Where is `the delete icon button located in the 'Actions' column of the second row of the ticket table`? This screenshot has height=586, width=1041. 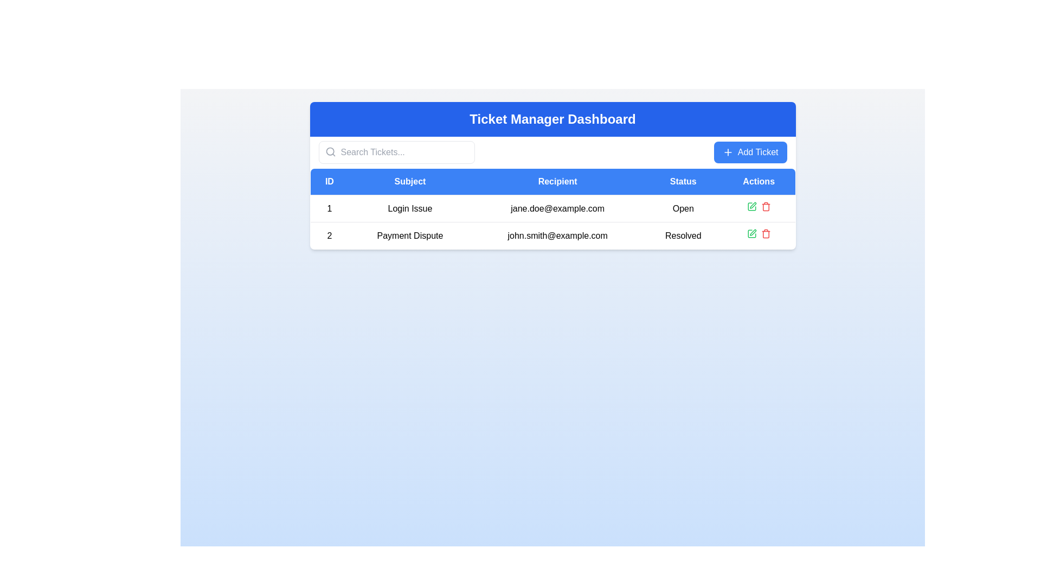 the delete icon button located in the 'Actions' column of the second row of the ticket table is located at coordinates (765, 233).